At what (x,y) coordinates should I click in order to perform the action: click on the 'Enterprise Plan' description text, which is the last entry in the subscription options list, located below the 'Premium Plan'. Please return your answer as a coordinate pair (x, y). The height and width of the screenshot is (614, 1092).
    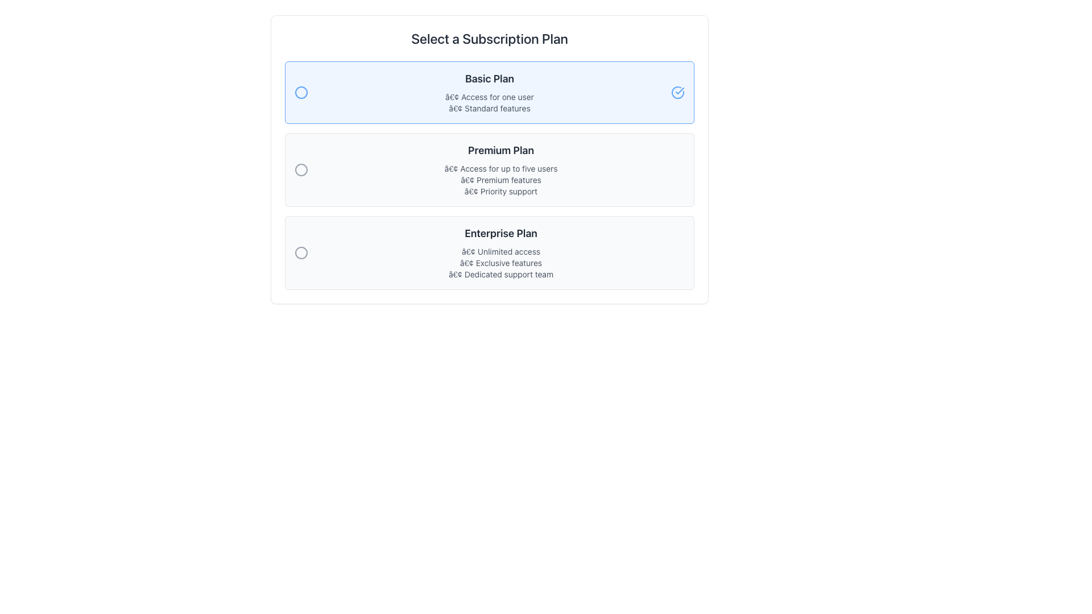
    Looking at the image, I should click on (500, 252).